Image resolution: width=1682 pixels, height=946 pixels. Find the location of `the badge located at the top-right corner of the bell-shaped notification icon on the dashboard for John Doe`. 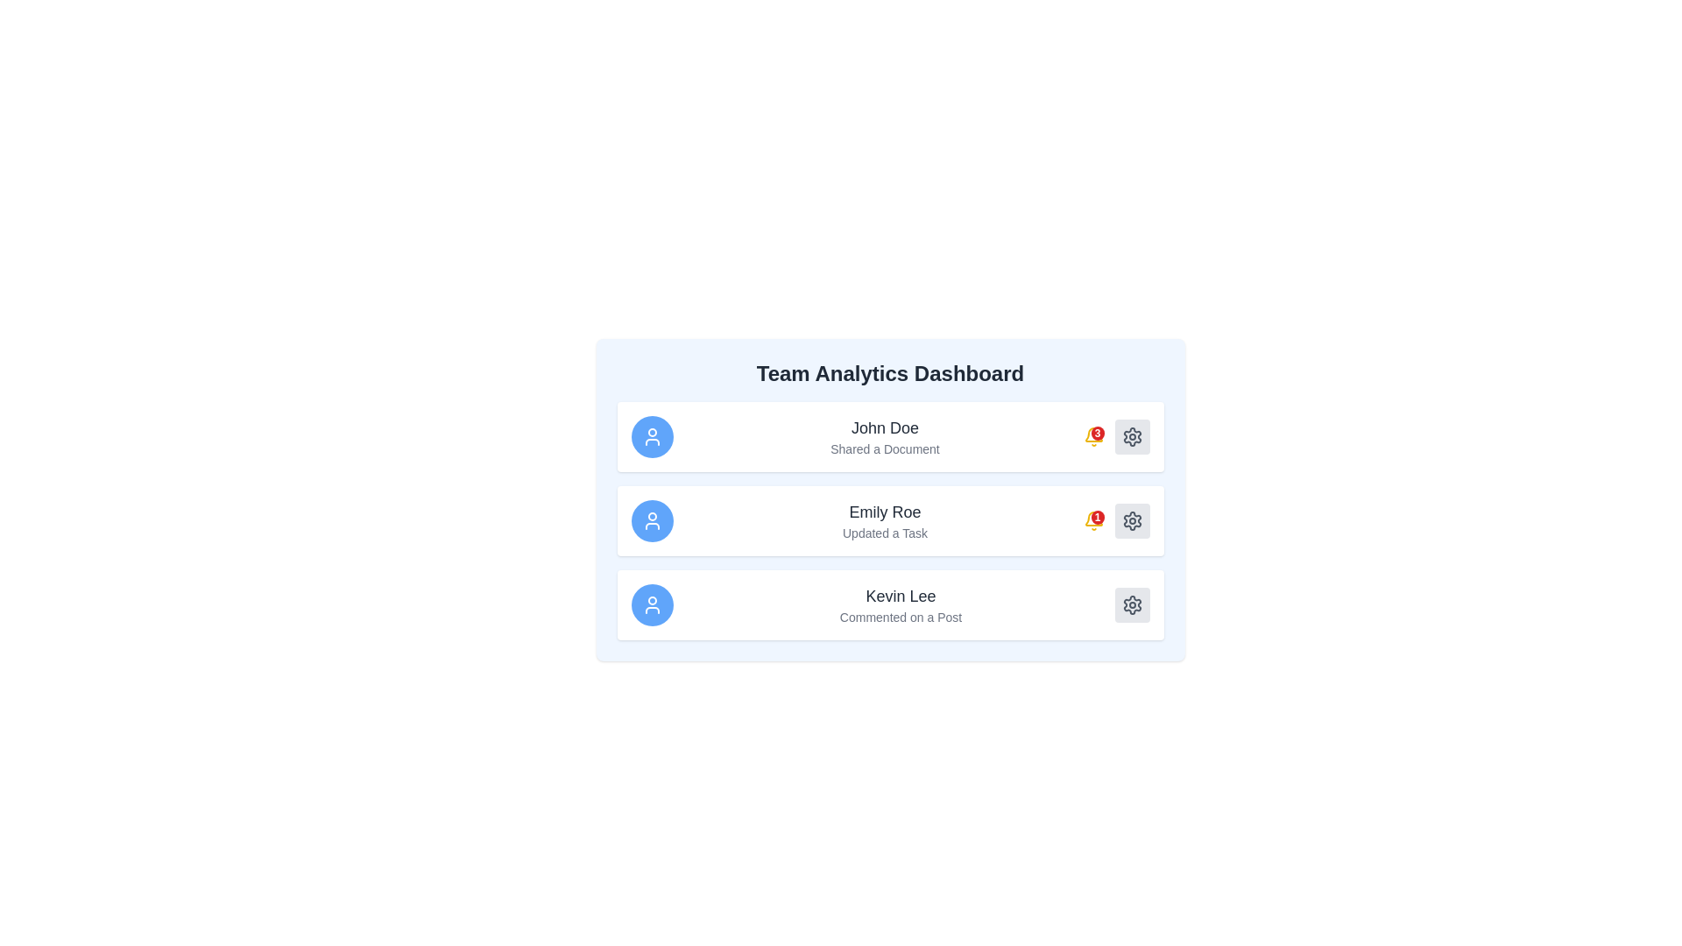

the badge located at the top-right corner of the bell-shaped notification icon on the dashboard for John Doe is located at coordinates (1097, 433).